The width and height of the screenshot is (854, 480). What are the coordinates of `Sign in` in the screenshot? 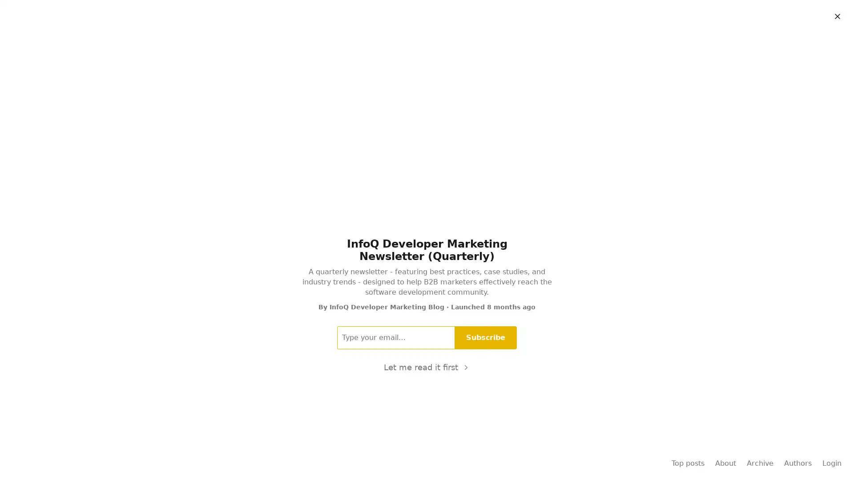 It's located at (829, 14).